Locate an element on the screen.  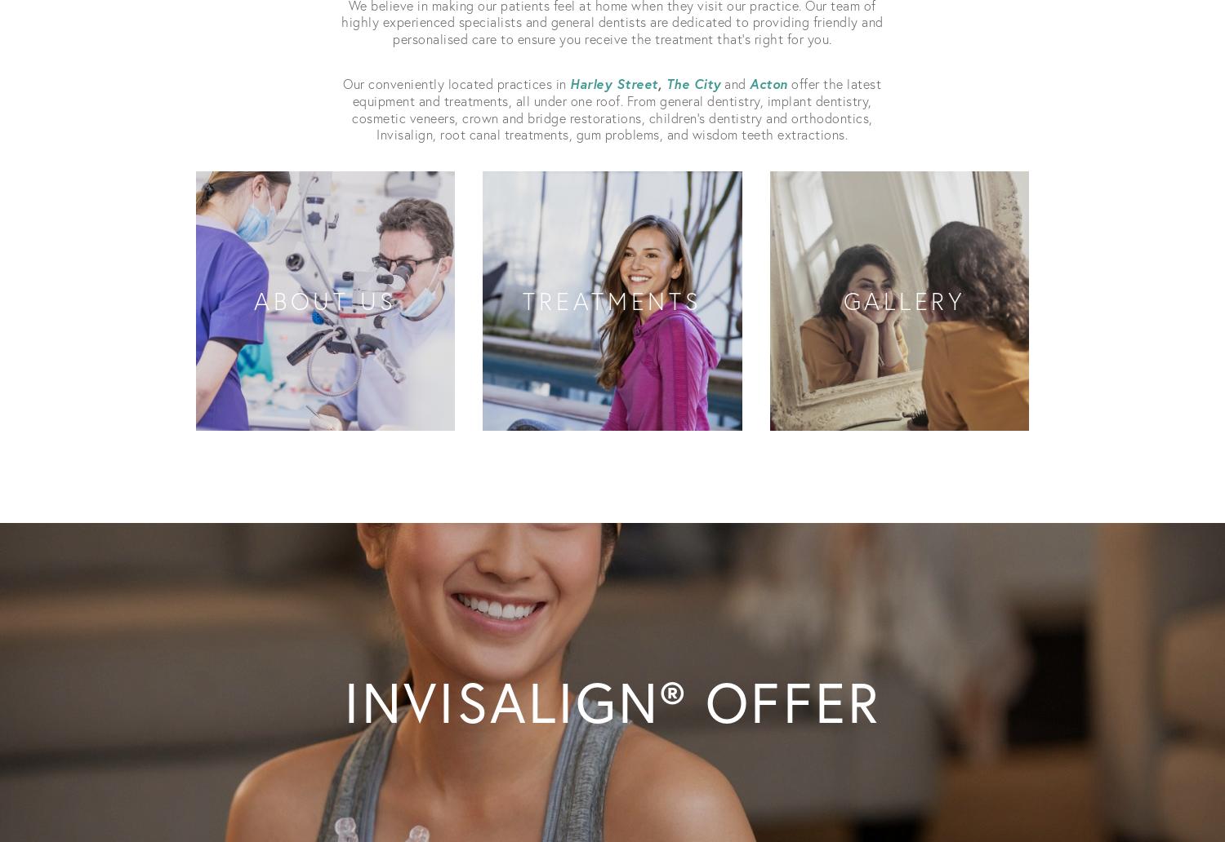
'Invisalign® offer' is located at coordinates (611, 701).